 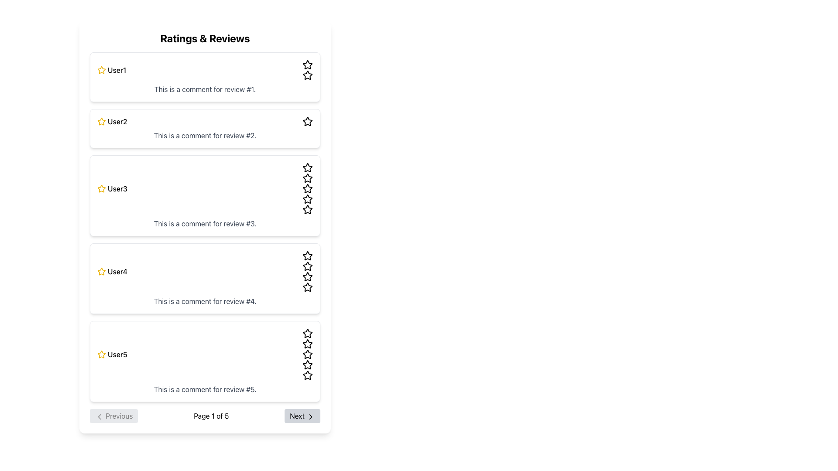 What do you see at coordinates (308, 287) in the screenshot?
I see `the fourth star icon in the five-star rating system for the 'User4' review` at bounding box center [308, 287].